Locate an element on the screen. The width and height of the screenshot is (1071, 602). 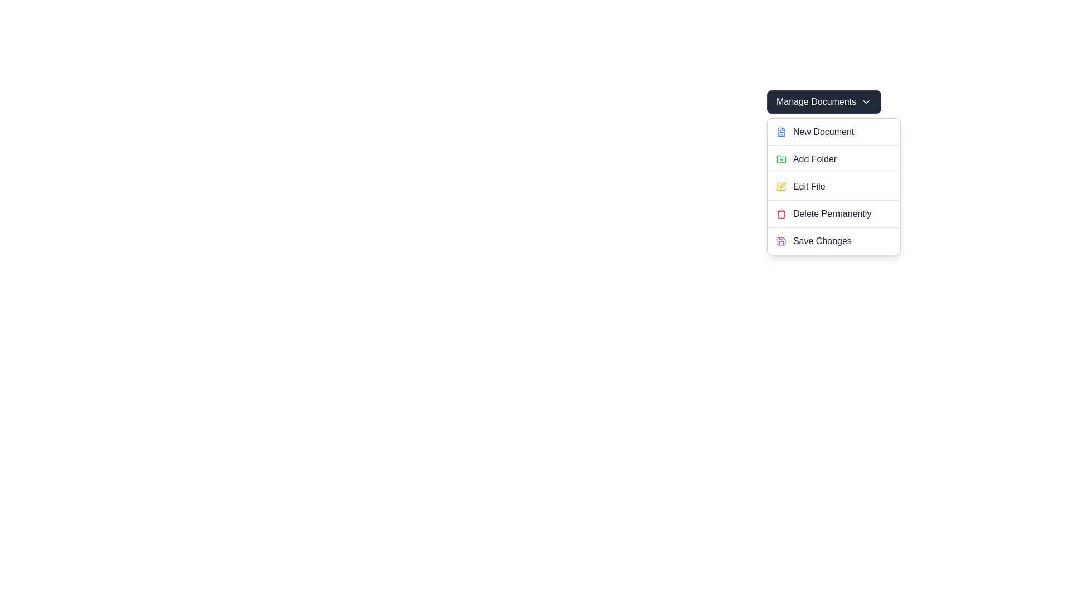
the 'Manage Documents' button with a dark background and a downward-pointing chevron icon is located at coordinates (824, 101).